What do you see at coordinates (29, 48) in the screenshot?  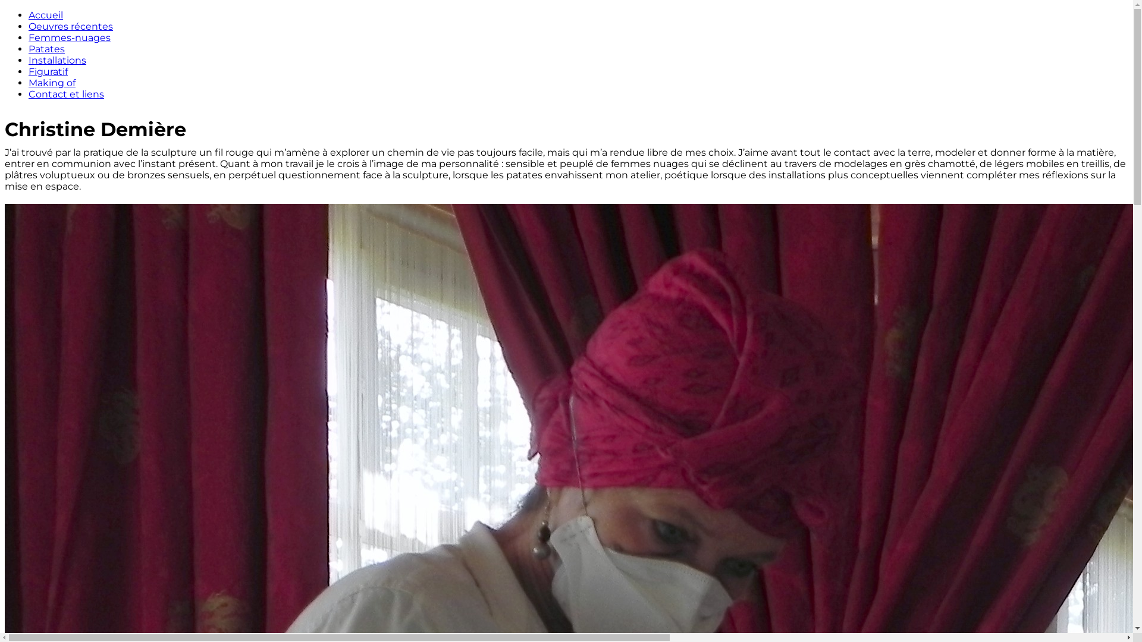 I see `'Patates'` at bounding box center [29, 48].